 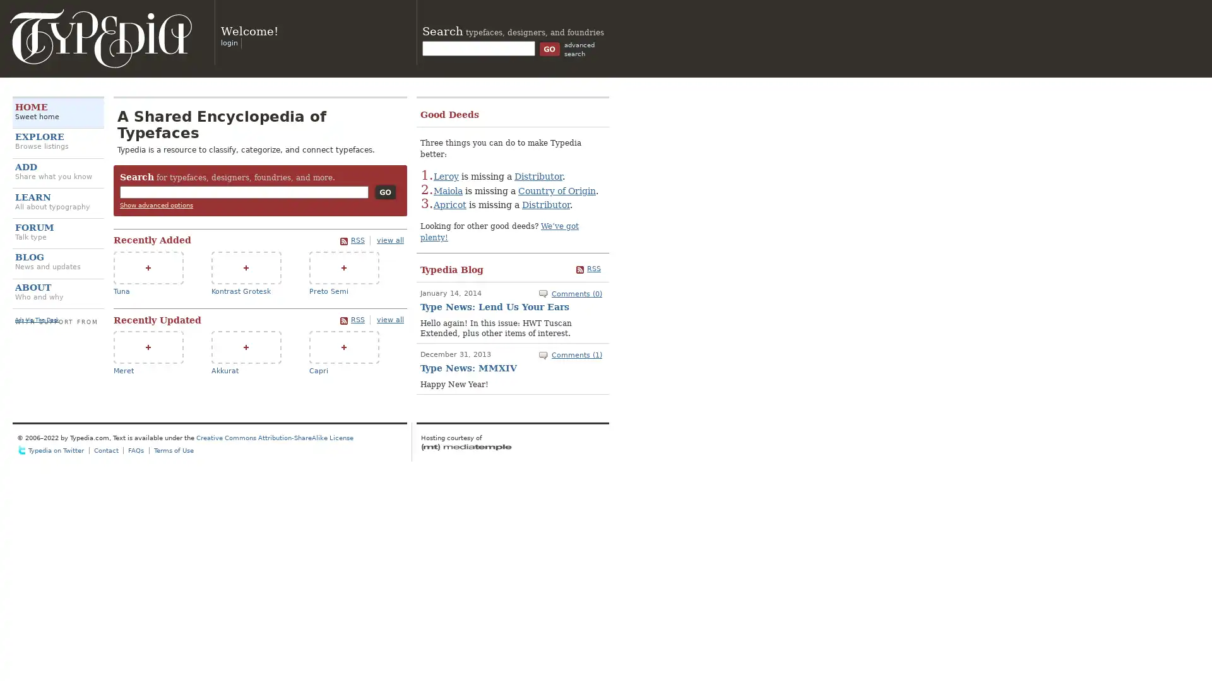 I want to click on Go, so click(x=549, y=48).